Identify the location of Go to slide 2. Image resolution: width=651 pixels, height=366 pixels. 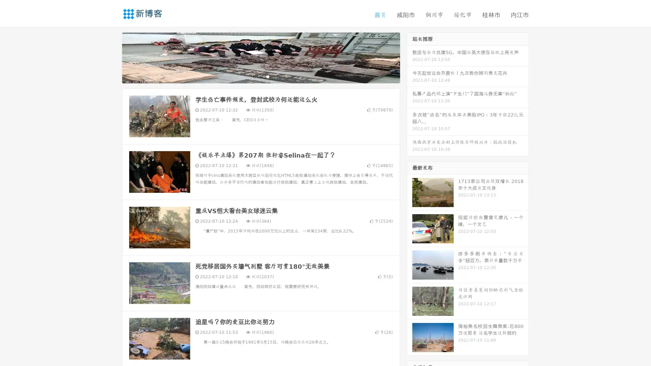
(260, 76).